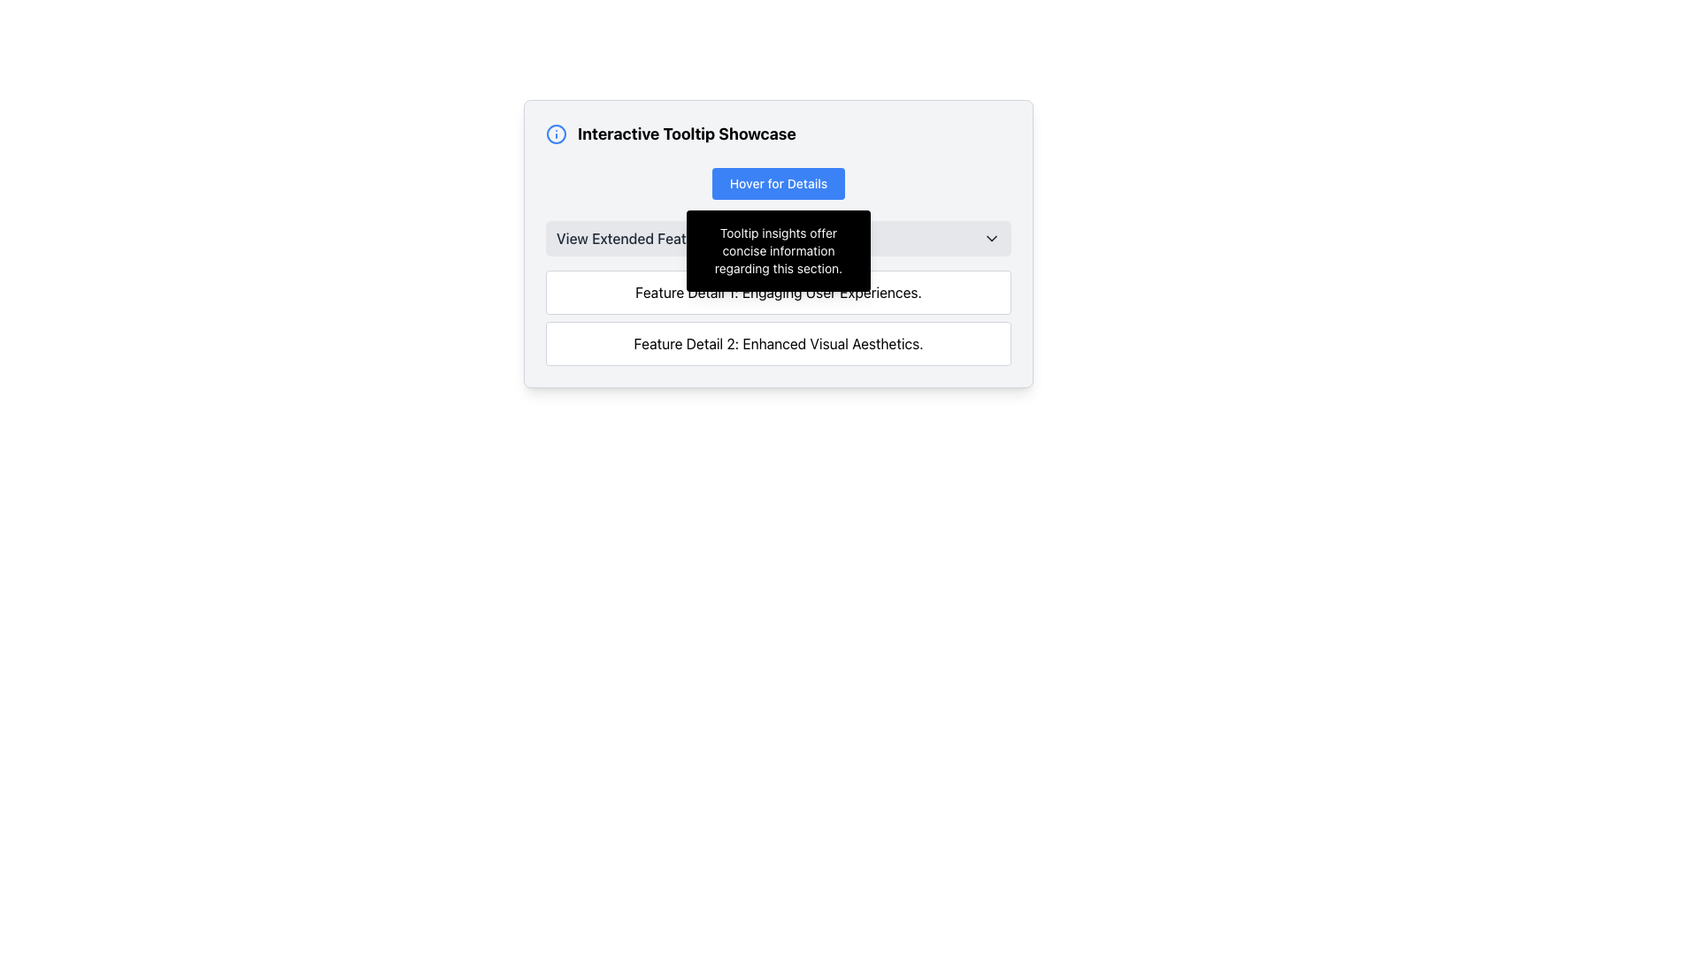  What do you see at coordinates (778, 184) in the screenshot?
I see `the interactive button located centrally within the 'Interactive Tooltip Showcase' panel, which displays a tooltip with additional information when hovered over` at bounding box center [778, 184].